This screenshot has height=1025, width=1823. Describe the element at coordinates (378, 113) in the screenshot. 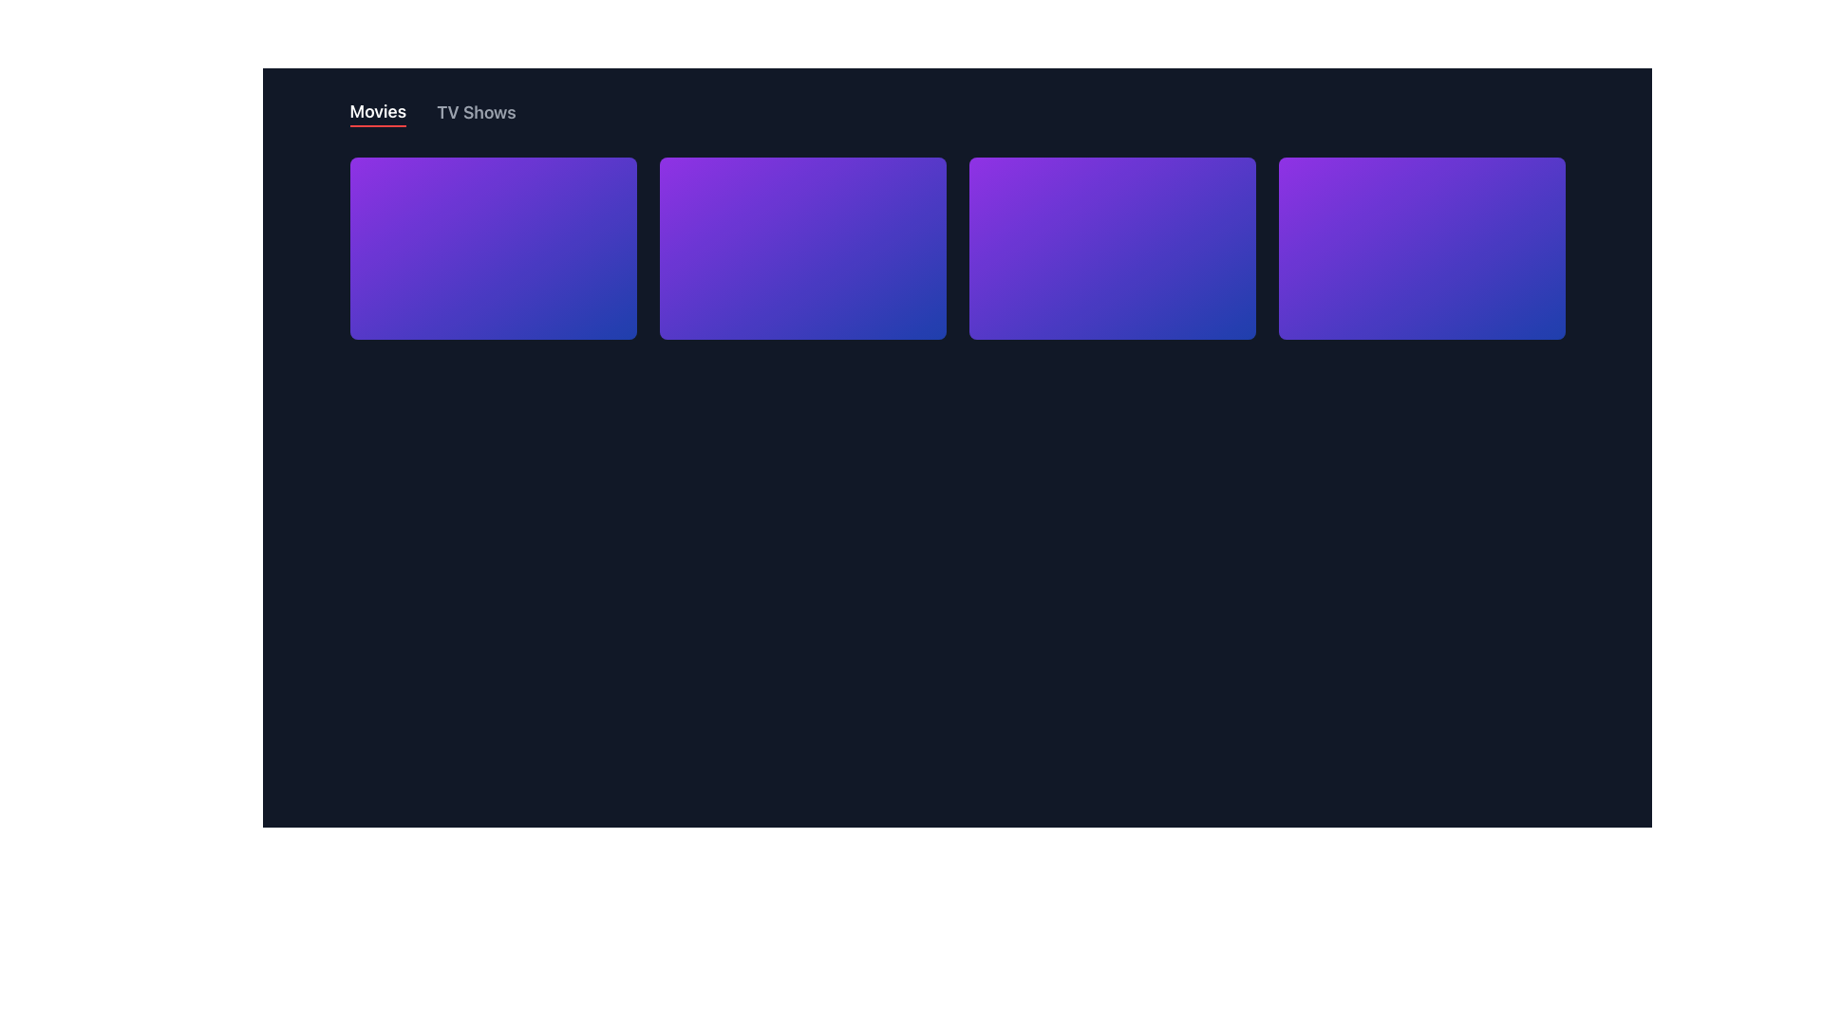

I see `the 'Movies' label, which is styled in bold white font with a red underline` at that location.